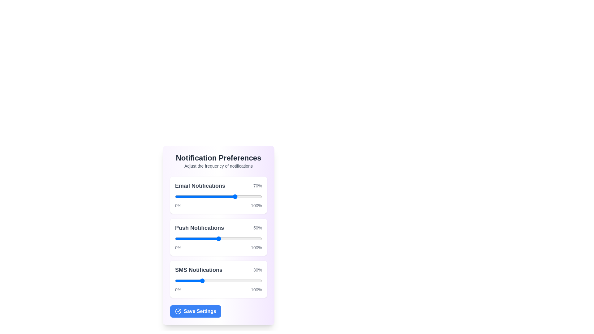 Image resolution: width=594 pixels, height=334 pixels. What do you see at coordinates (198, 280) in the screenshot?
I see `the SMS Notifications slider` at bounding box center [198, 280].